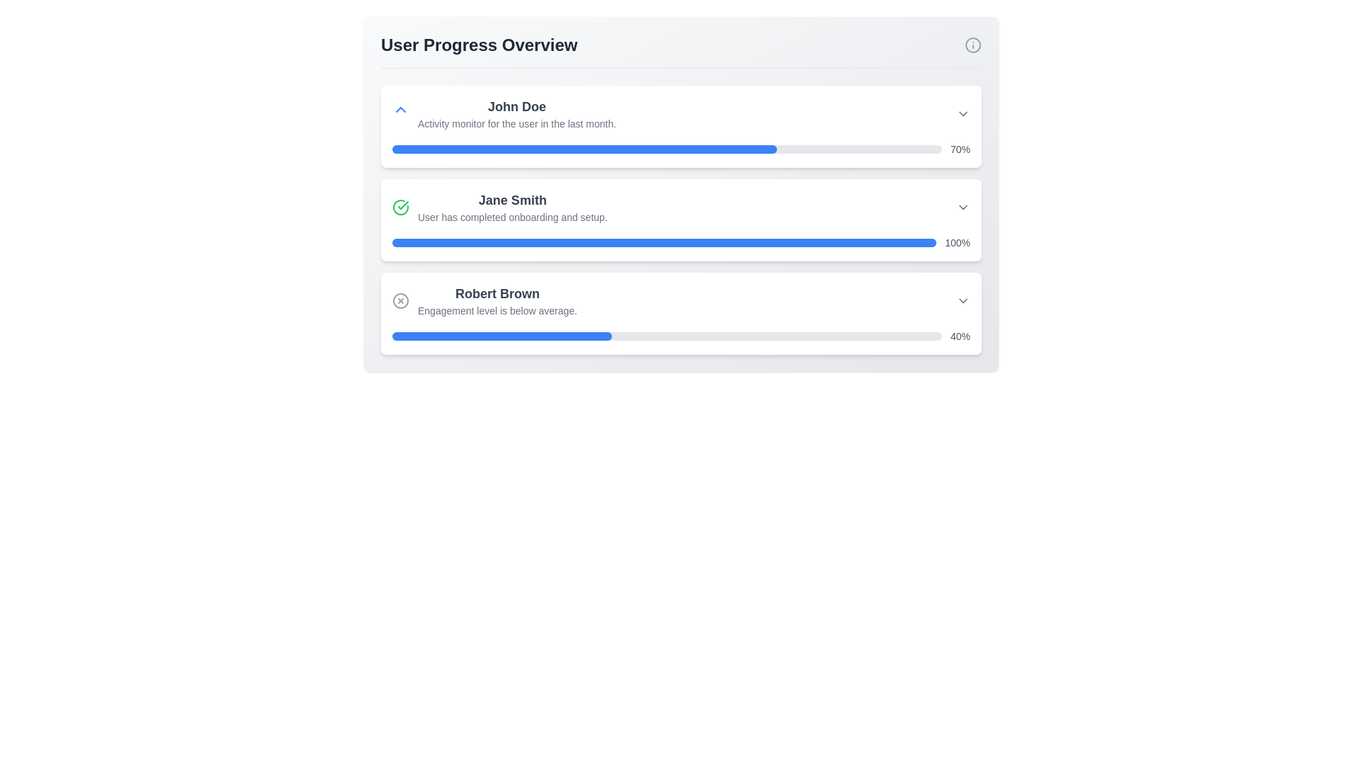 The width and height of the screenshot is (1360, 765). What do you see at coordinates (681, 149) in the screenshot?
I see `the progress bar filled to 70% that displays the percentage '70%' in gray text, located under 'John Doe' and above other user progress bars` at bounding box center [681, 149].